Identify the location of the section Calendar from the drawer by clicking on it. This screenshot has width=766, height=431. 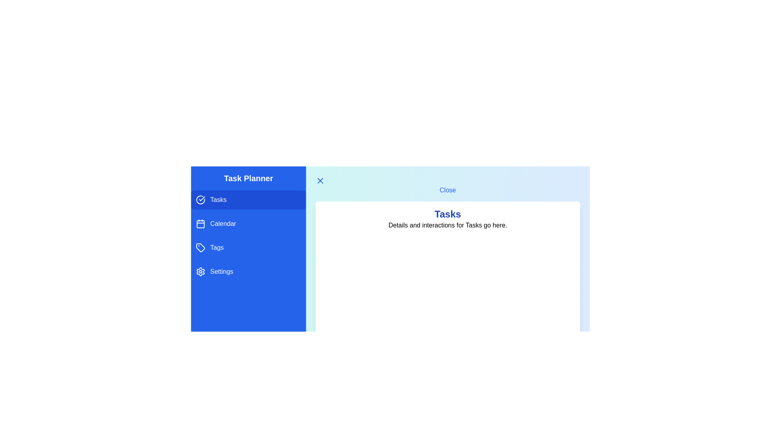
(248, 223).